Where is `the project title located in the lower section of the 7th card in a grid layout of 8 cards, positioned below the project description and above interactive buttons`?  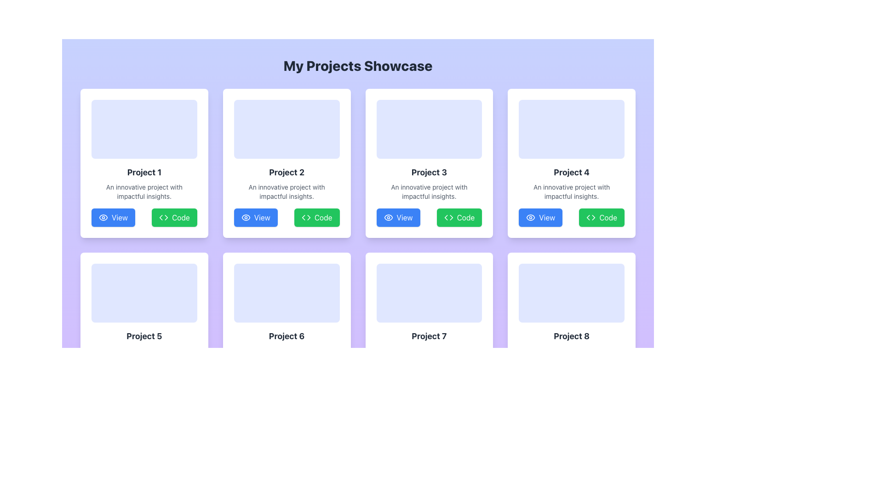 the project title located in the lower section of the 7th card in a grid layout of 8 cards, positioned below the project description and above interactive buttons is located at coordinates (429, 336).